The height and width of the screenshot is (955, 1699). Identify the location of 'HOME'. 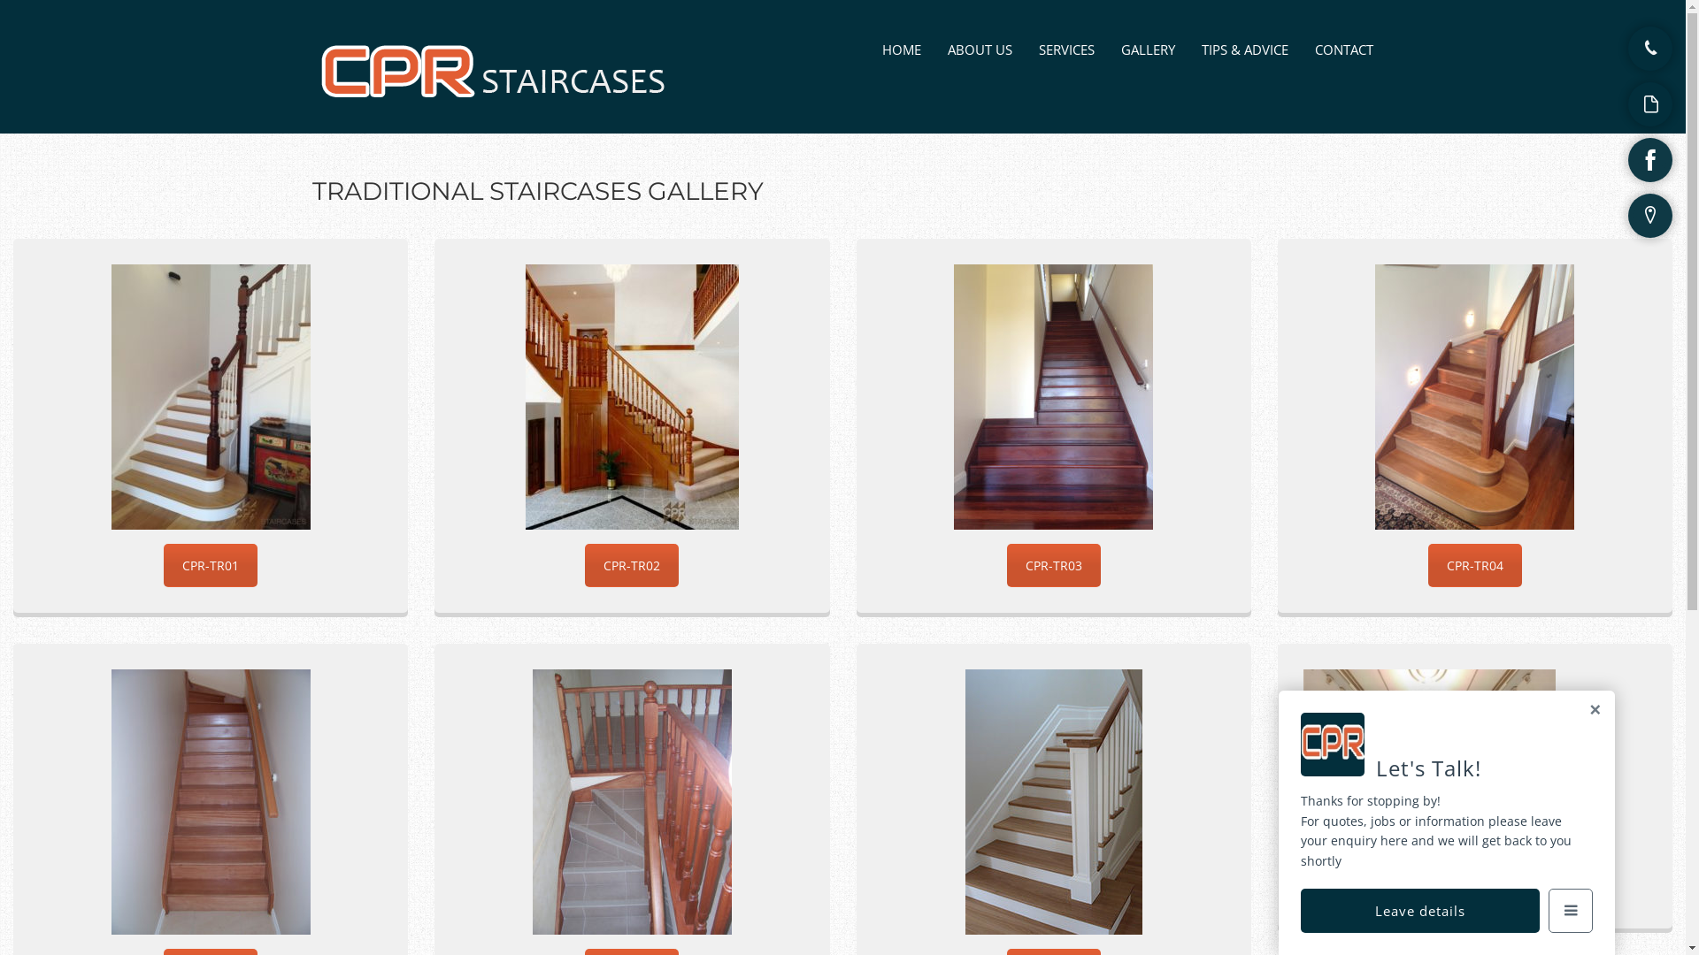
(901, 49).